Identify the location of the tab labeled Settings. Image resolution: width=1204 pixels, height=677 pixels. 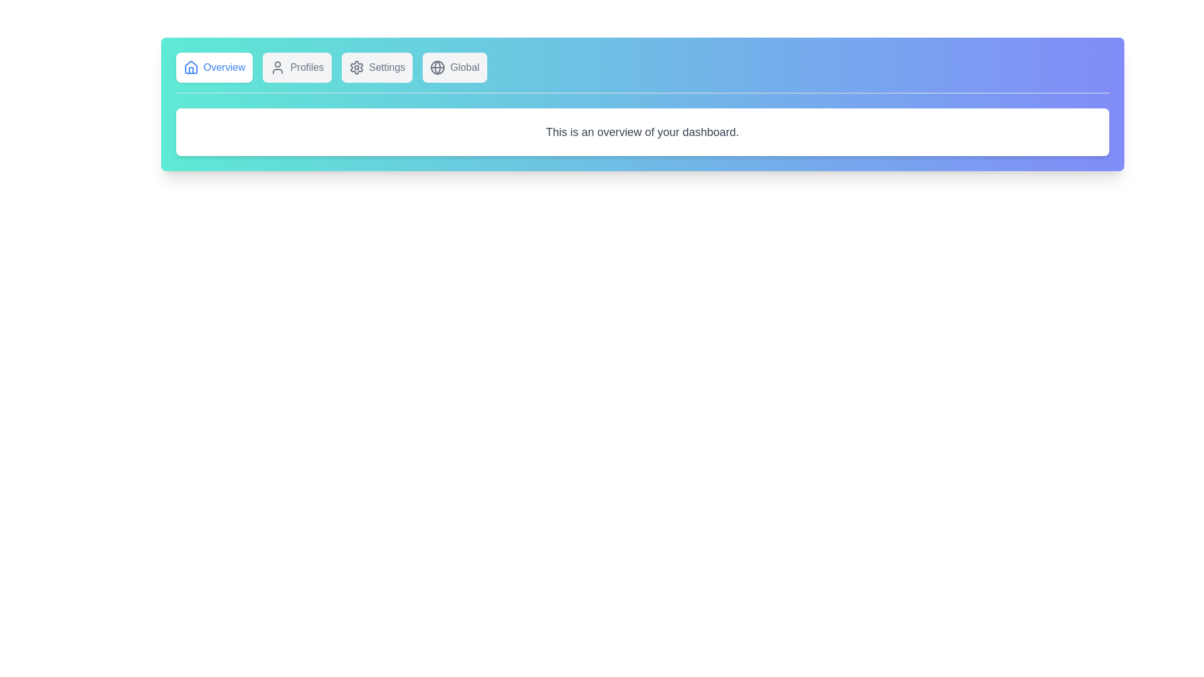
(376, 68).